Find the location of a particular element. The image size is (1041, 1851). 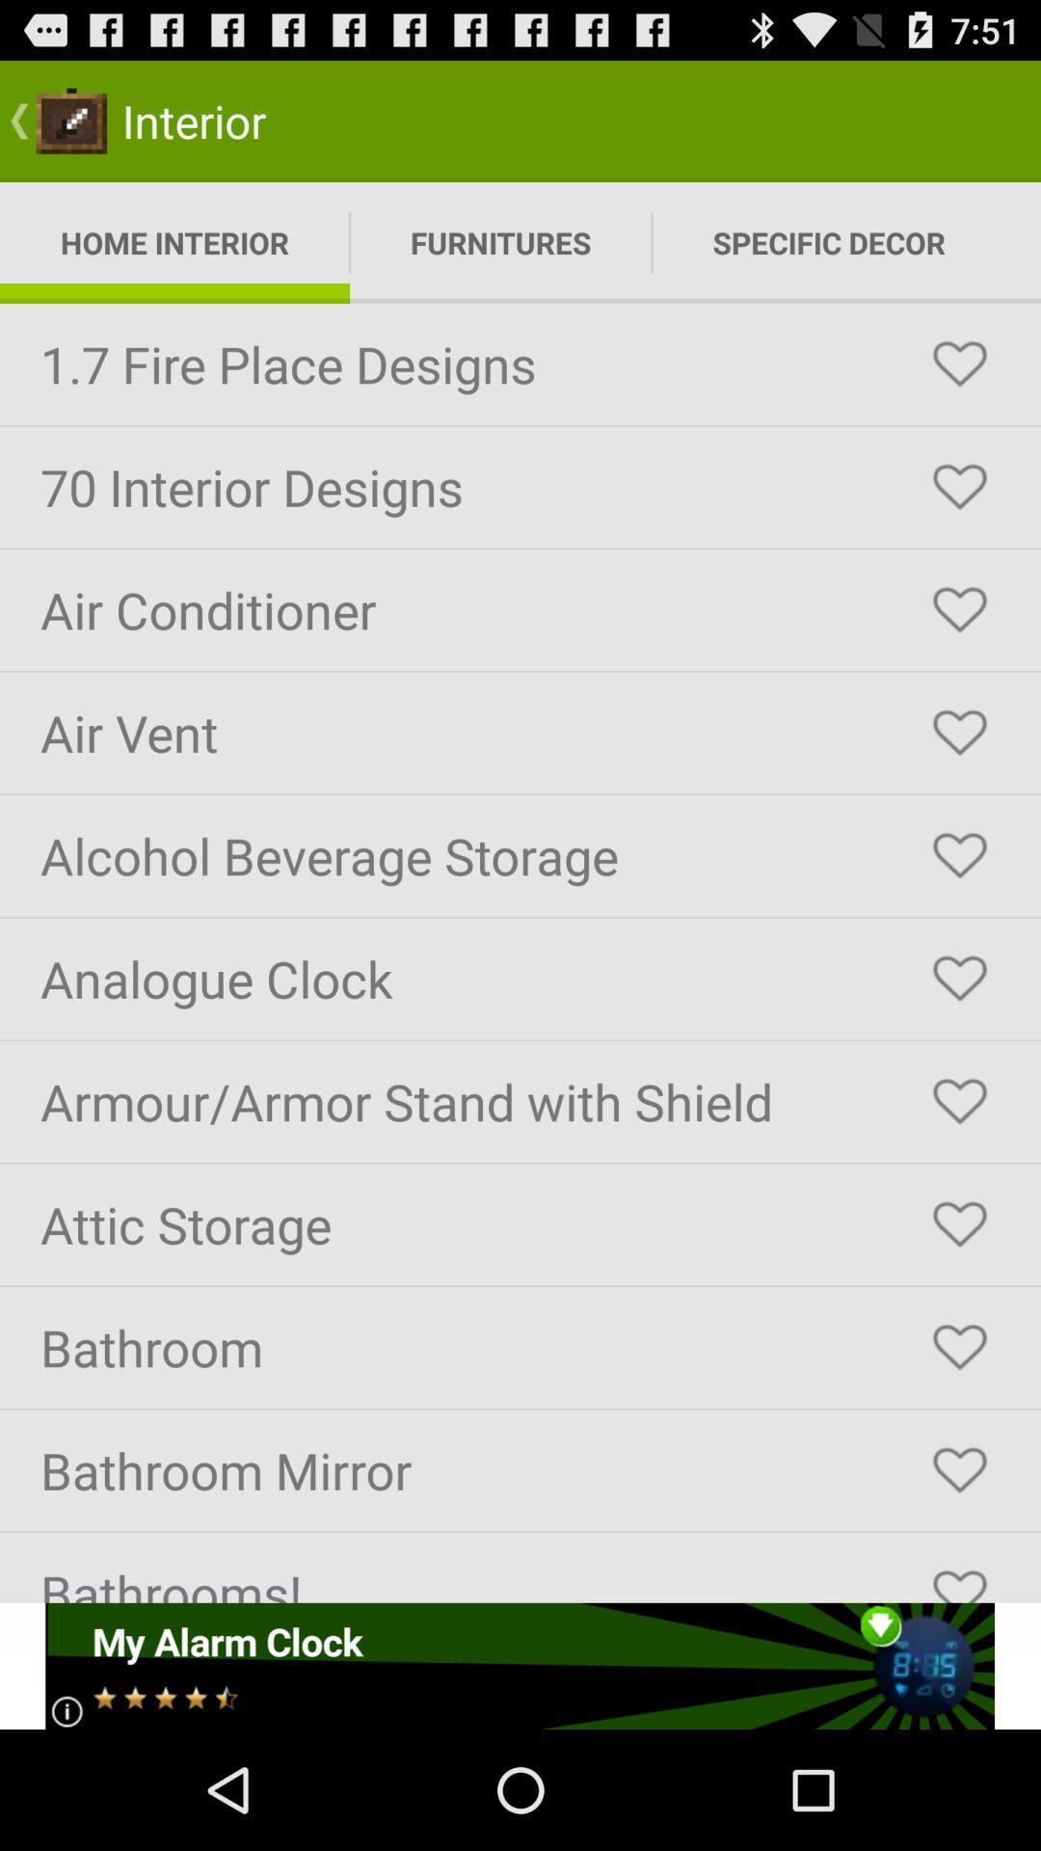

to favourite is located at coordinates (959, 732).